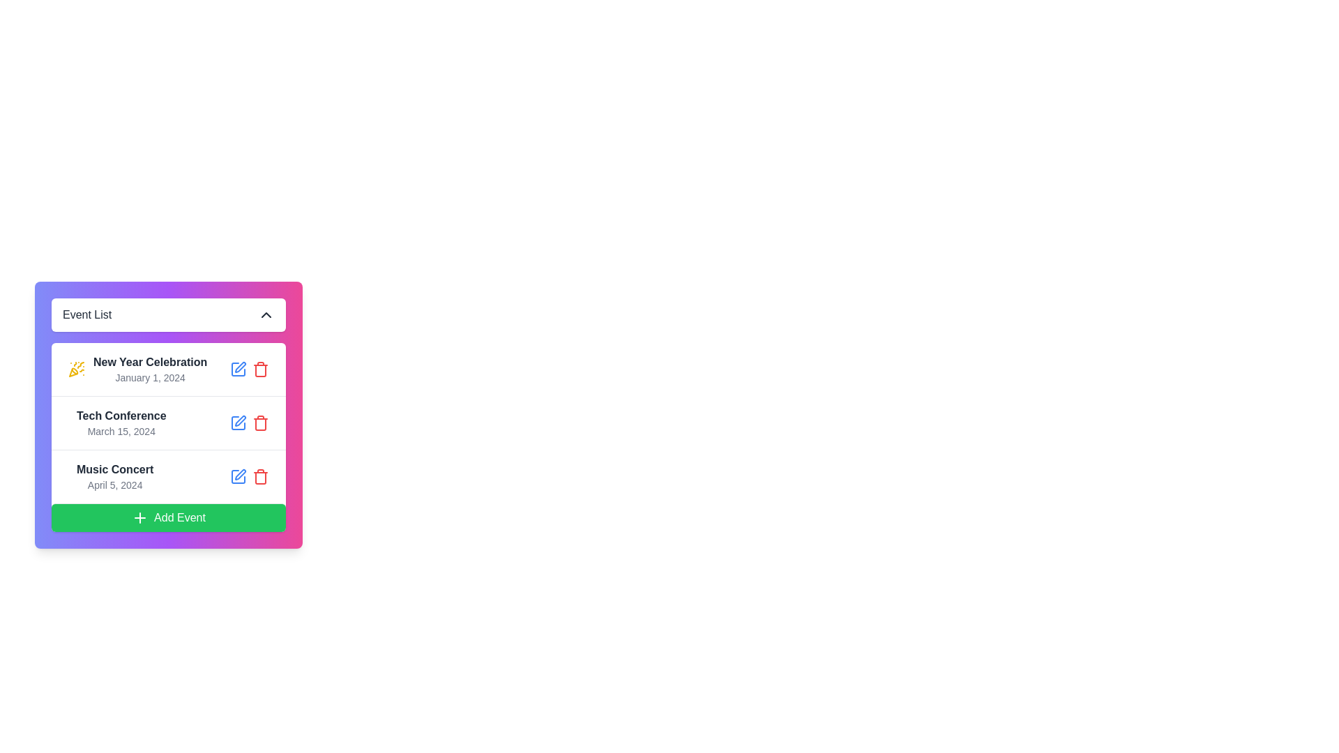  I want to click on the trash can icon button, so click(261, 424).